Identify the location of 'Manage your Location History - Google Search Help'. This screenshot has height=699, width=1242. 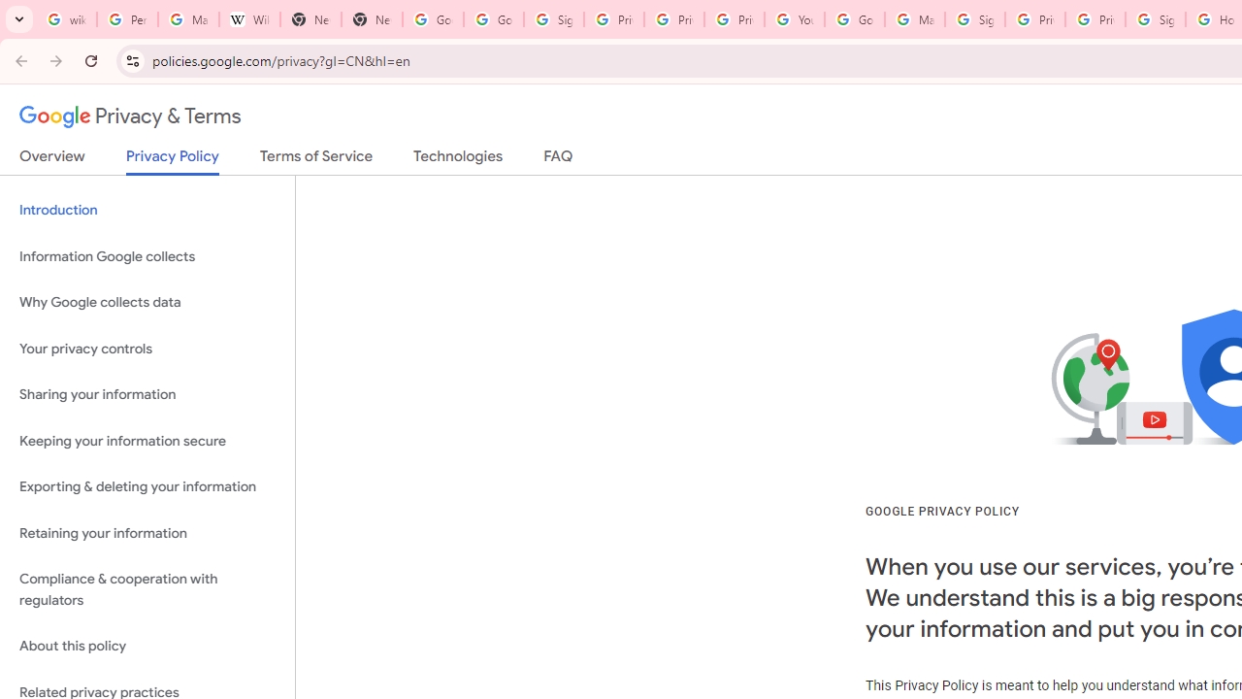
(188, 19).